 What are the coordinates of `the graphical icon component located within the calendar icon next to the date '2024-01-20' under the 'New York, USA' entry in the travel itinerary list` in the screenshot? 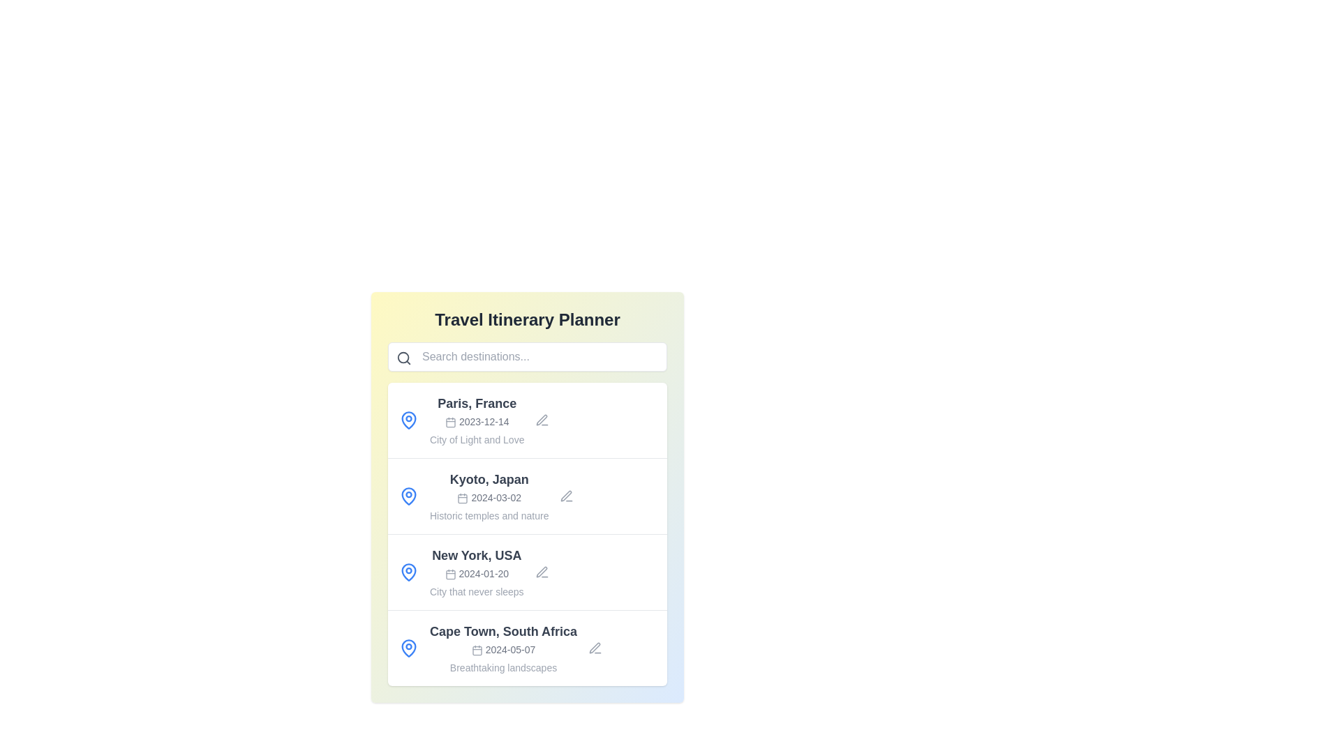 It's located at (450, 575).